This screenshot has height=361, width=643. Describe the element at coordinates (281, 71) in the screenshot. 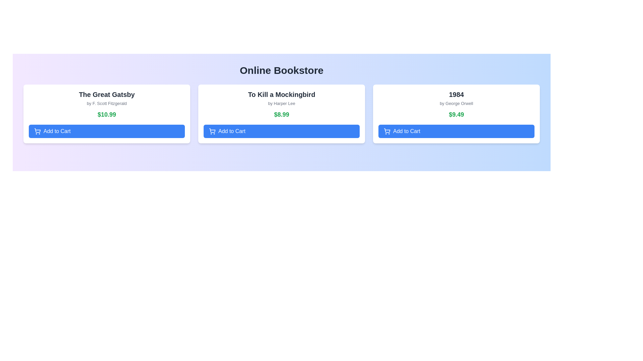

I see `text of the heading 'Online Bookstore', which is a large, bold, dark-gray title centered at the top of the content section` at that location.